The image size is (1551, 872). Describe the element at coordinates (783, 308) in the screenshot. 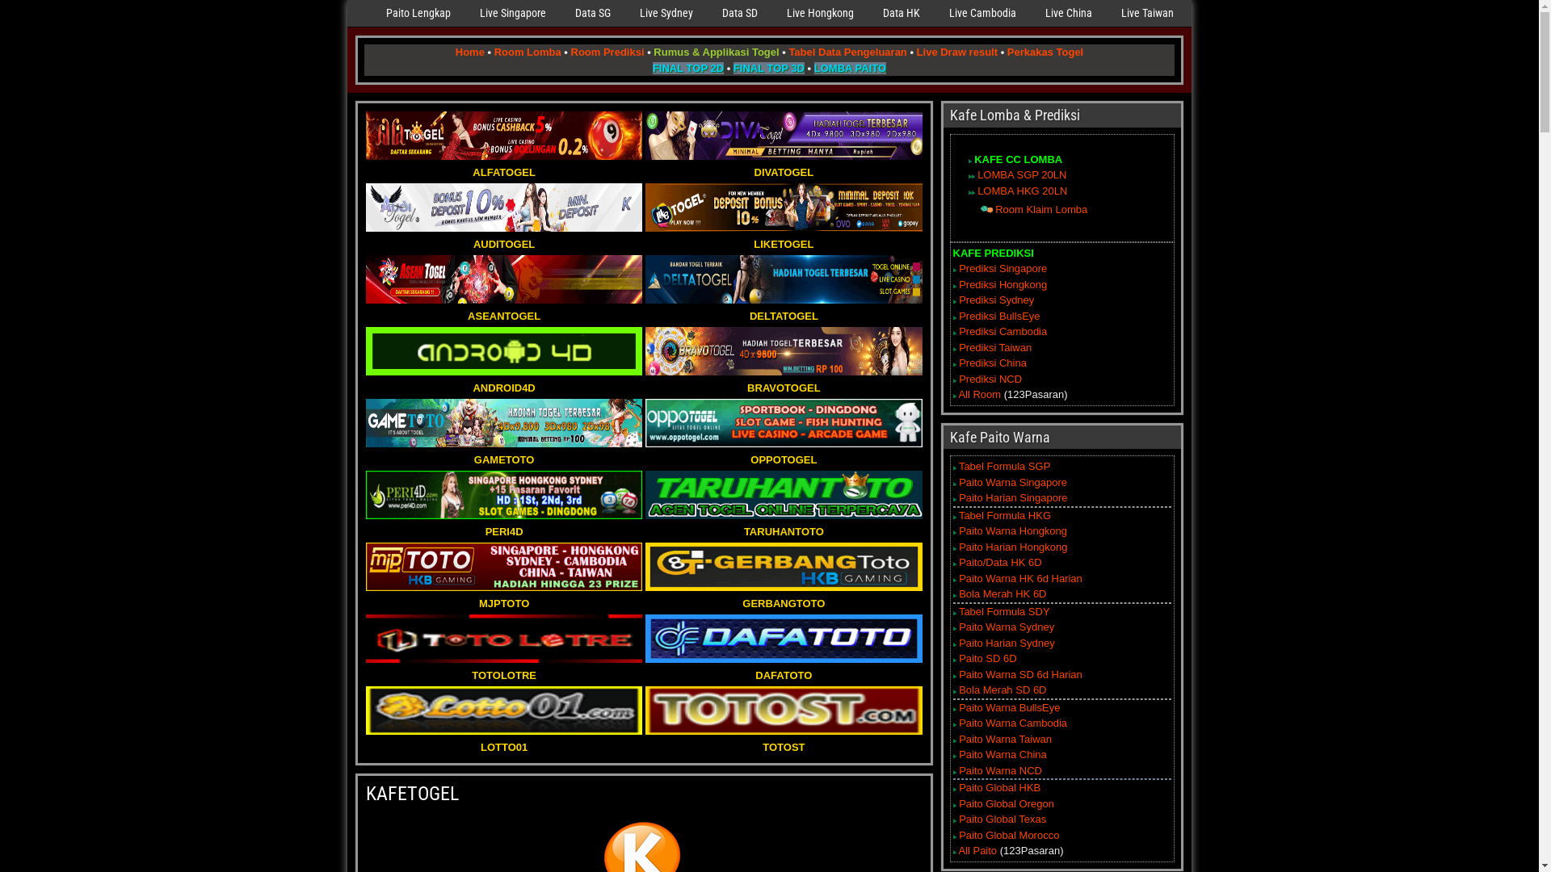

I see `'DELTATOGEL'` at that location.